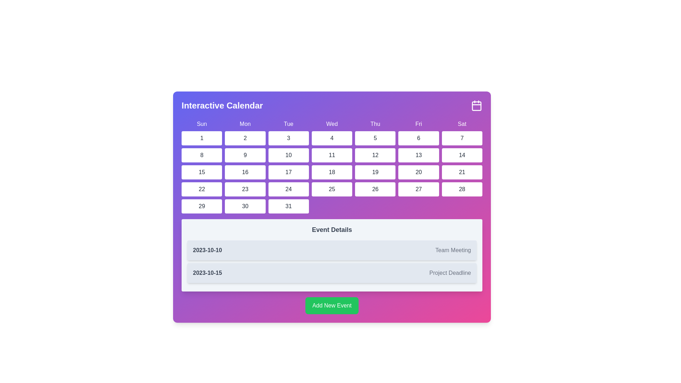 This screenshot has width=681, height=383. What do you see at coordinates (462, 155) in the screenshot?
I see `the button displaying '14'` at bounding box center [462, 155].